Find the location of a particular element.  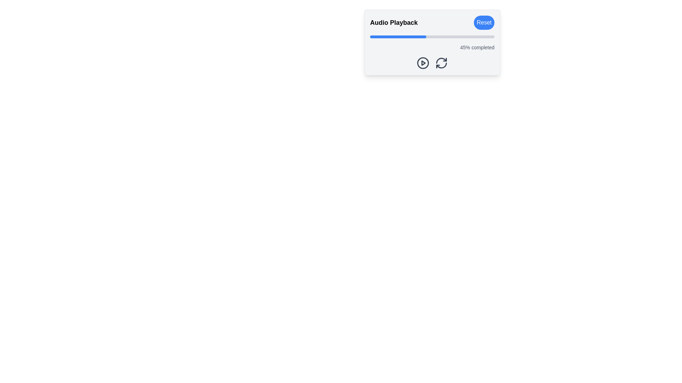

the horizontal progress bar styled in blue and gray, located beneath the title 'Audio Playback' and the 'Reset' button, above the text '45% completed' is located at coordinates (432, 37).